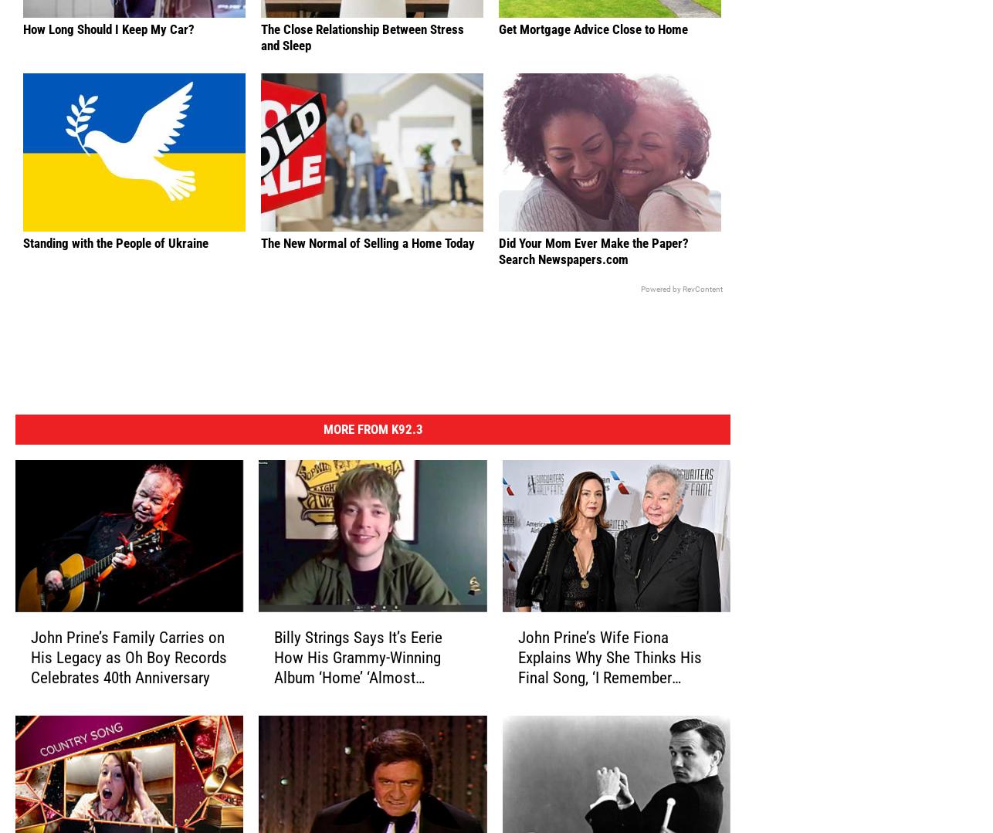  I want to click on 'Get Mortgage Advice Close to Home', so click(593, 52).